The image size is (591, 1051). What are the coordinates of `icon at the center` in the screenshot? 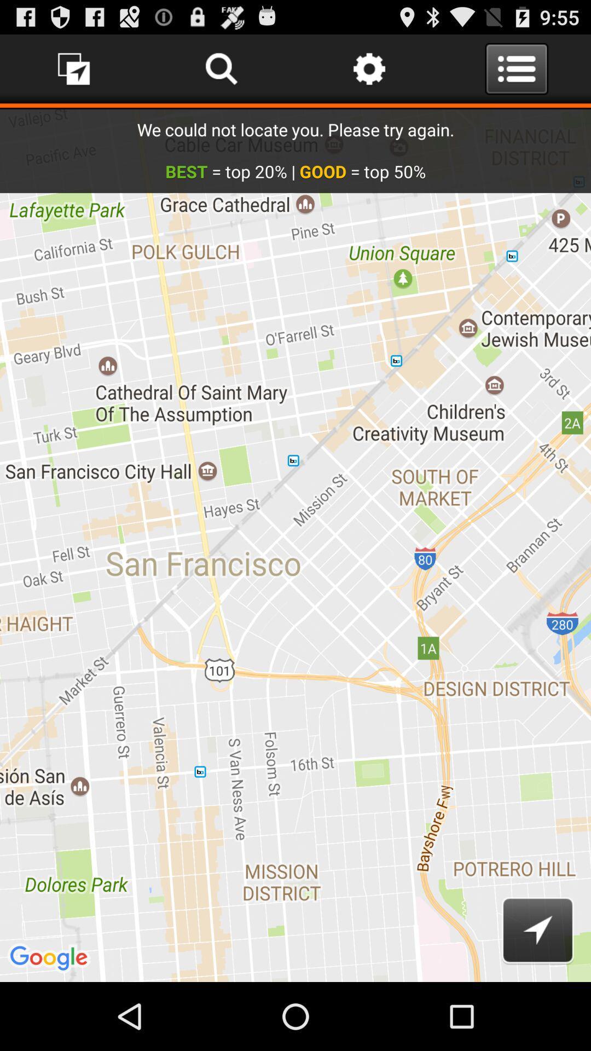 It's located at (296, 545).